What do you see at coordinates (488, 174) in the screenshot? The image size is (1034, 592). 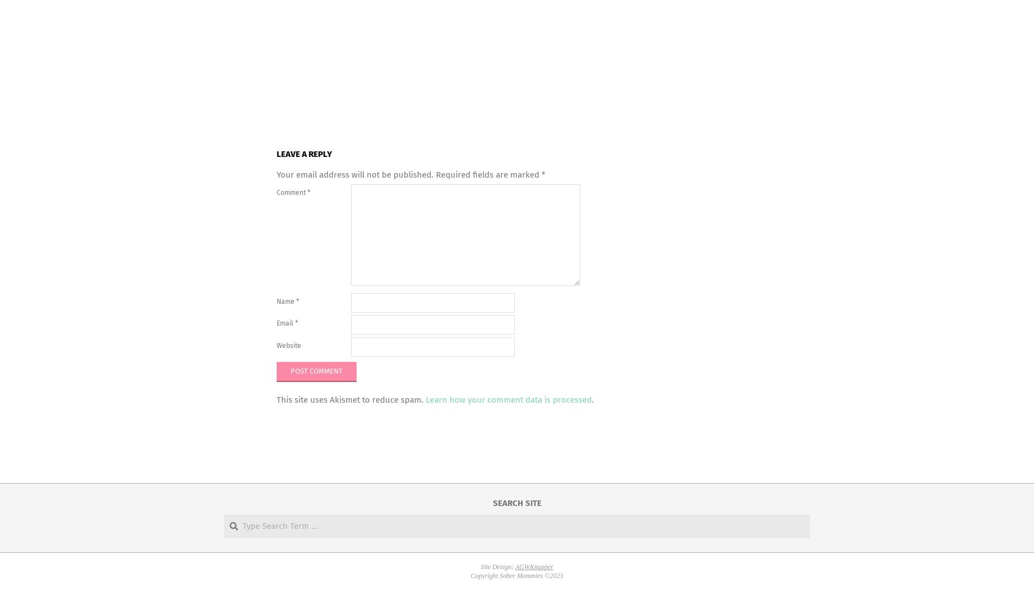 I see `'Required fields are marked'` at bounding box center [488, 174].